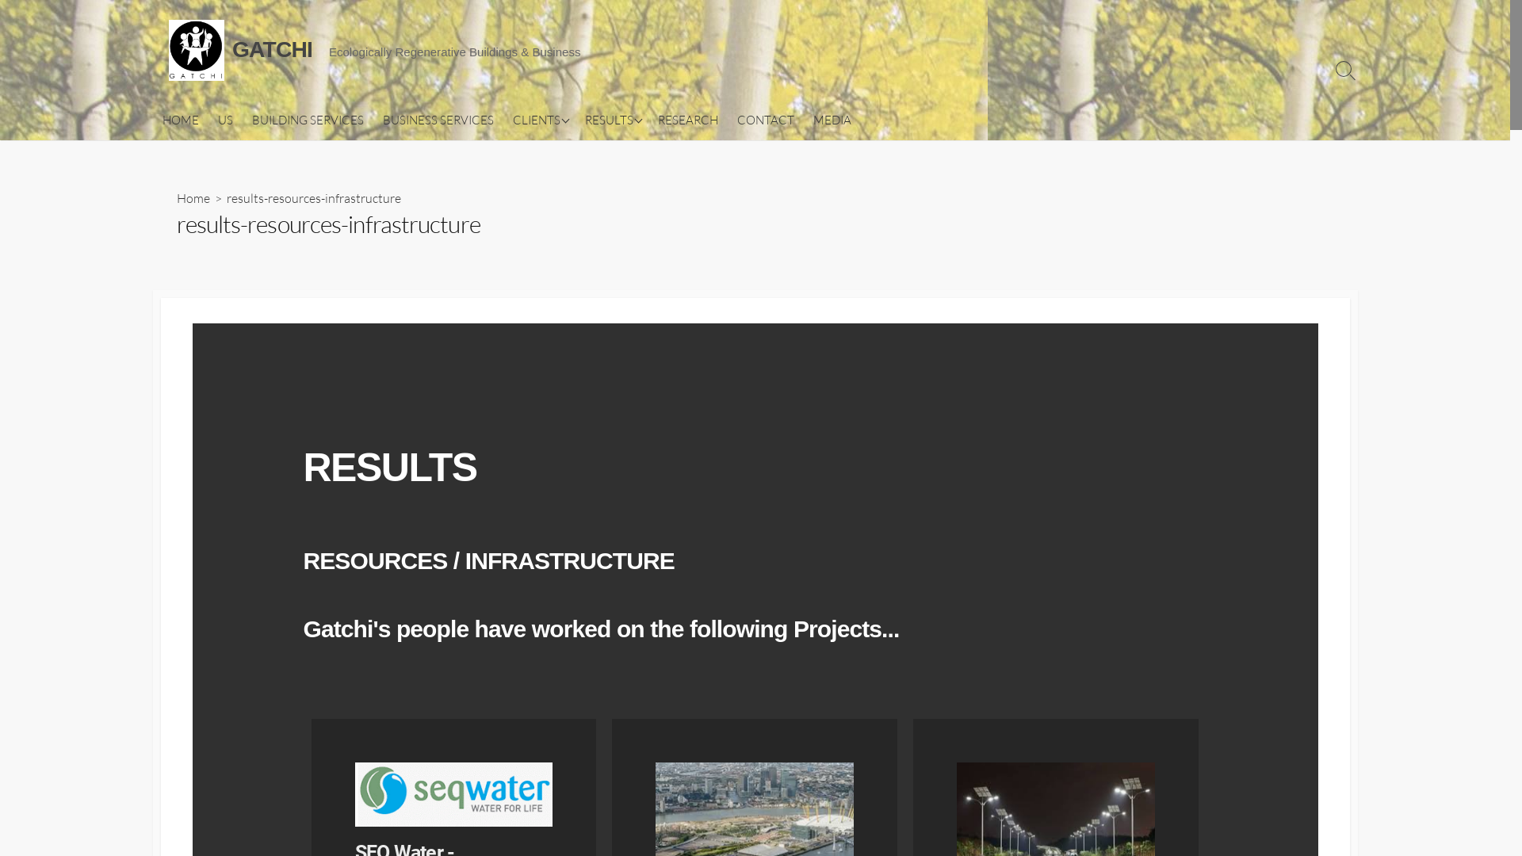 The width and height of the screenshot is (1522, 856). I want to click on 'Developers', so click(654, 147).